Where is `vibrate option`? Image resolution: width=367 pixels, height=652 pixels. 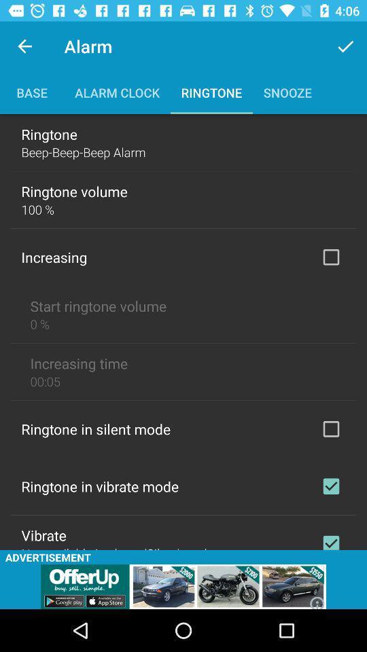 vibrate option is located at coordinates (330, 539).